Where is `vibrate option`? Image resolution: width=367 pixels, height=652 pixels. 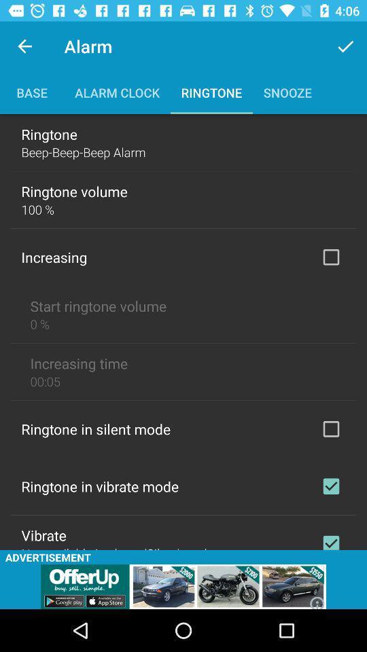 vibrate option is located at coordinates (330, 539).